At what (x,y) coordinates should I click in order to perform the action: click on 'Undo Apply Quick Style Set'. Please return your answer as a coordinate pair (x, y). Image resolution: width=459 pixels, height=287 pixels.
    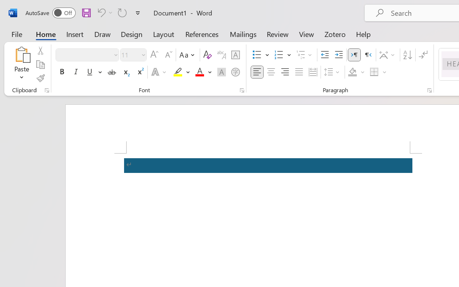
    Looking at the image, I should click on (100, 12).